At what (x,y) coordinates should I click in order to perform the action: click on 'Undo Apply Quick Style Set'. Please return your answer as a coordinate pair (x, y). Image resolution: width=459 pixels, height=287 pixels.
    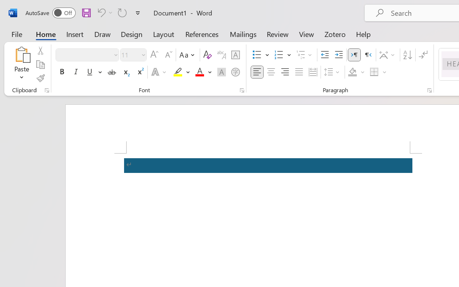
    Looking at the image, I should click on (100, 12).